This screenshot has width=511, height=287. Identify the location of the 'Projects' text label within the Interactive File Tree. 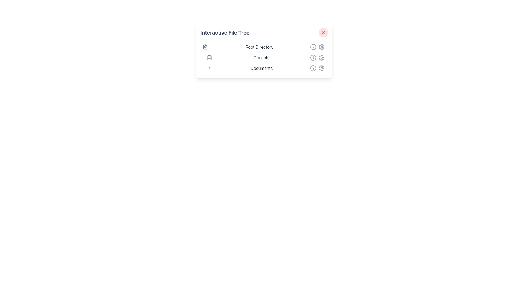
(264, 57).